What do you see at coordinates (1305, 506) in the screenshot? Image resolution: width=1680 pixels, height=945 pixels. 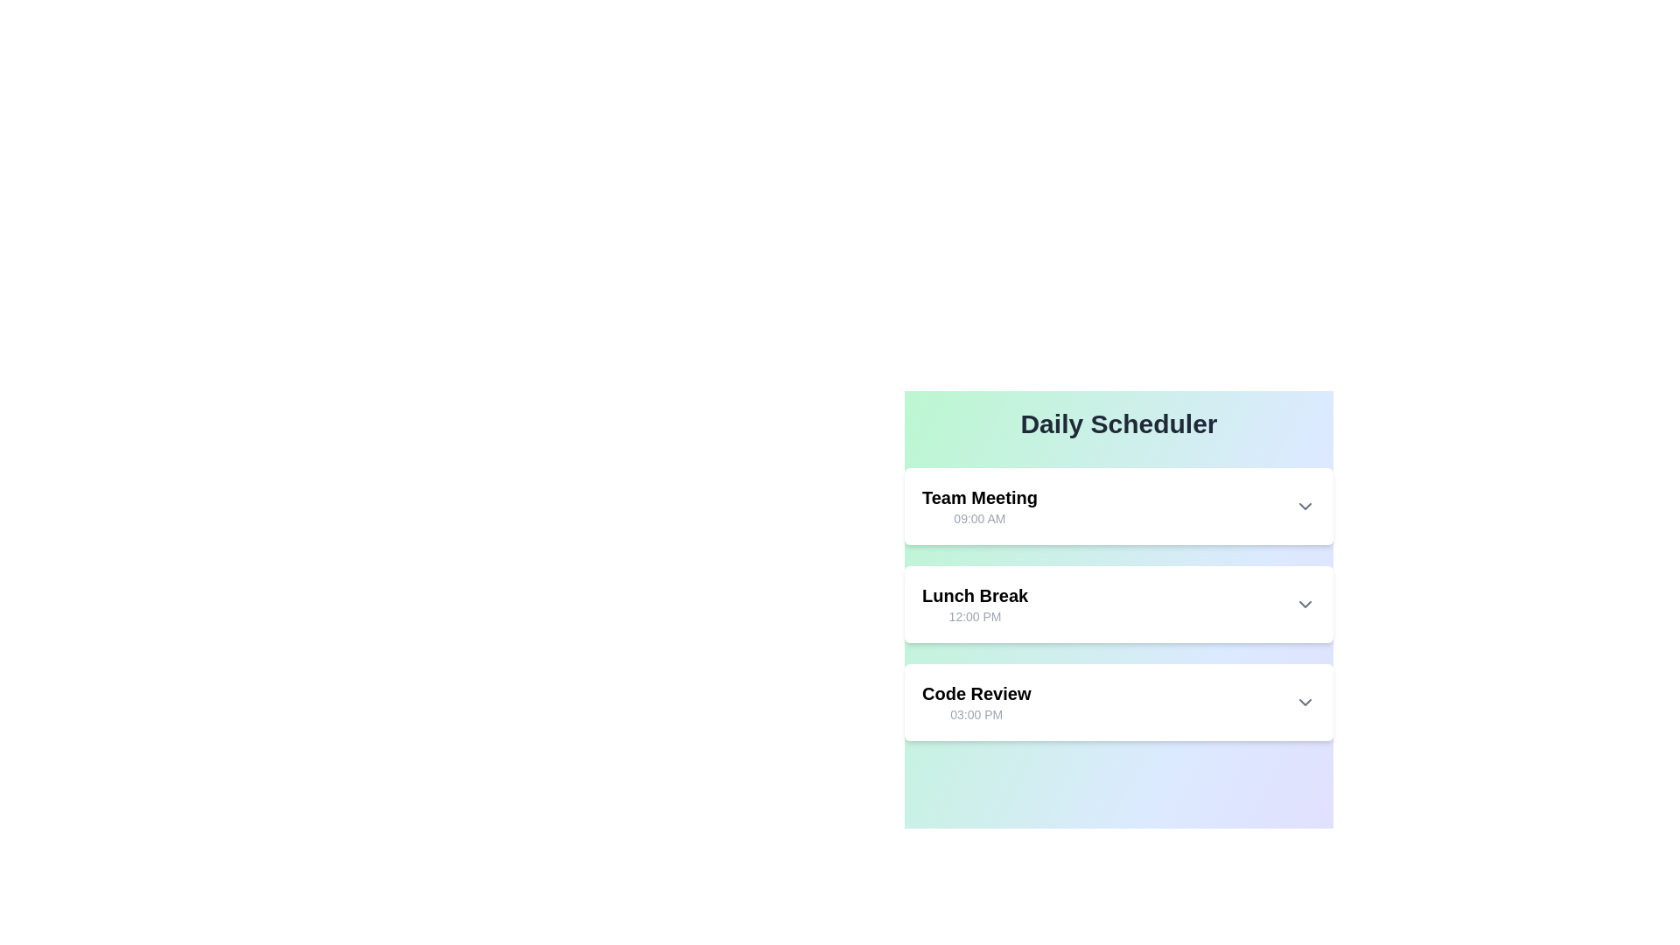 I see `the dropdown toggle icon located to the right of the 'Team Meeting 09:00 AM' text` at bounding box center [1305, 506].